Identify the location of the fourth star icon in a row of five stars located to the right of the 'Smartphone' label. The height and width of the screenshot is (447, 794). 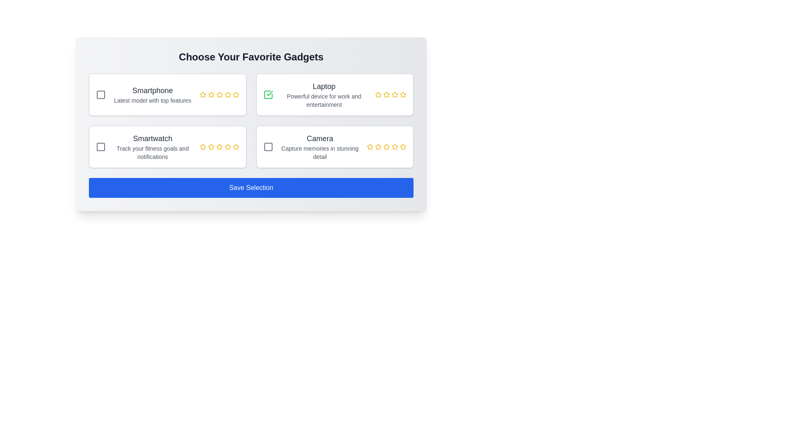
(219, 94).